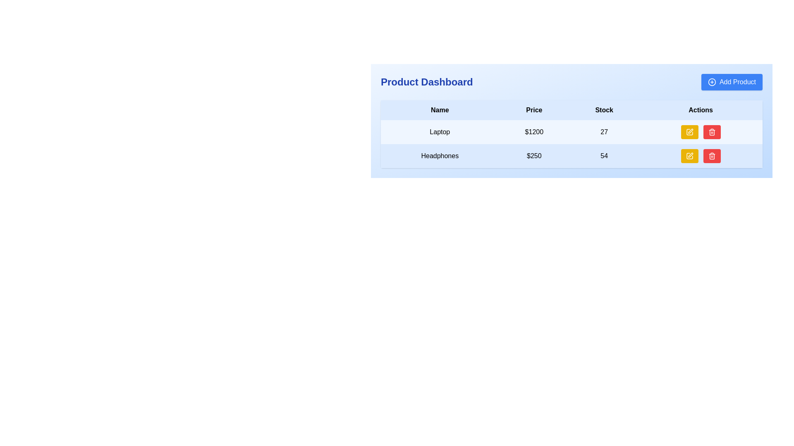 The image size is (794, 446). What do you see at coordinates (689, 156) in the screenshot?
I see `the 'Edit' button for the 'Headphones' product, which is the first button in the 'Actions' column of the second row in the table` at bounding box center [689, 156].